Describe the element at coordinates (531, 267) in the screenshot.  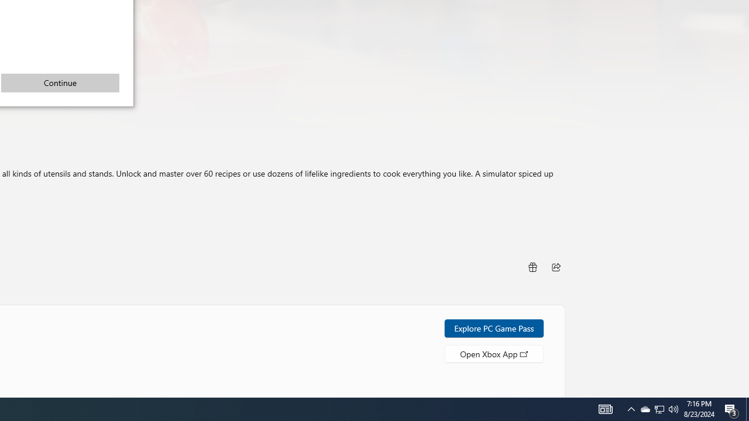
I see `'Buy as gift'` at that location.